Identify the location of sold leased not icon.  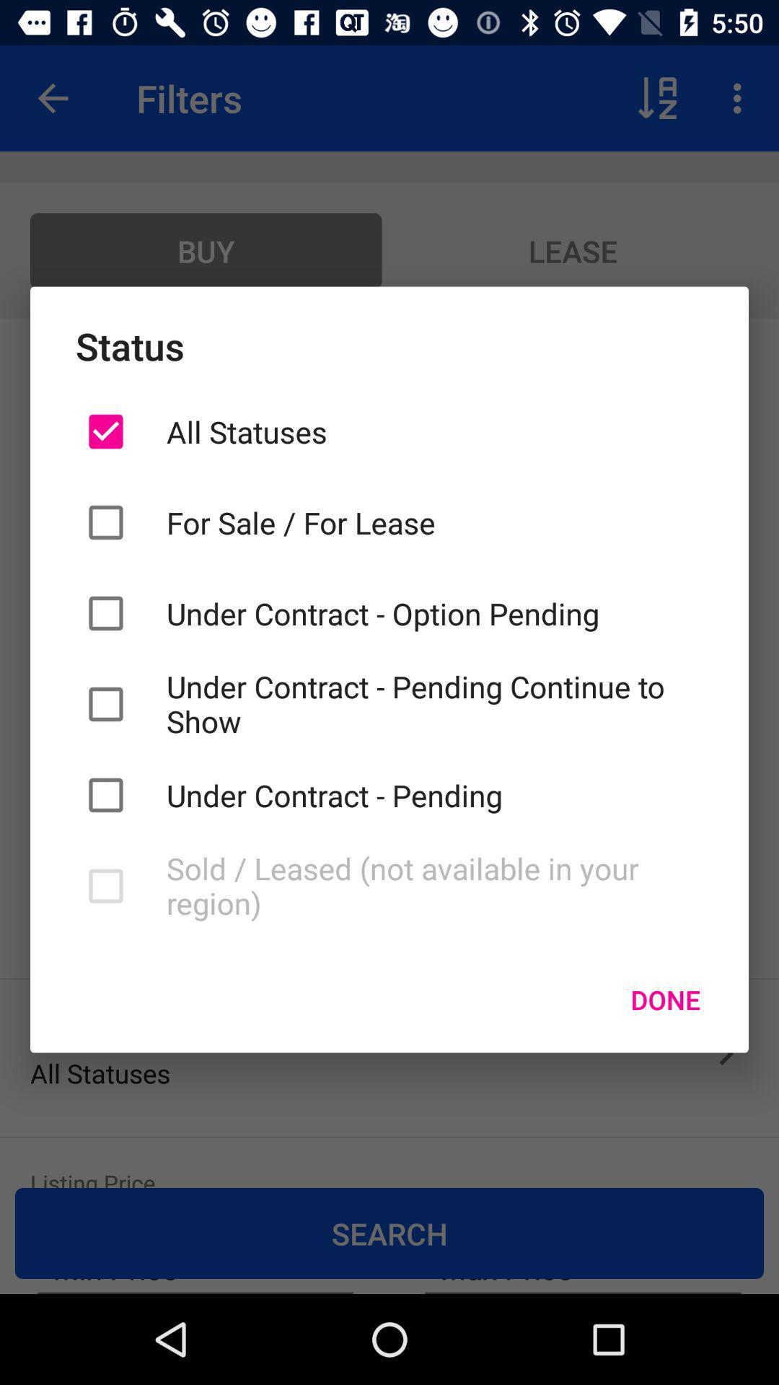
(433, 885).